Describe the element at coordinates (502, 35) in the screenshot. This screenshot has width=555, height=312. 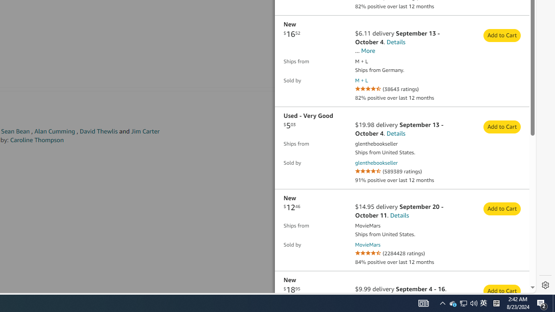
I see `'Add to Cart from seller M + L and price $16.52 '` at that location.